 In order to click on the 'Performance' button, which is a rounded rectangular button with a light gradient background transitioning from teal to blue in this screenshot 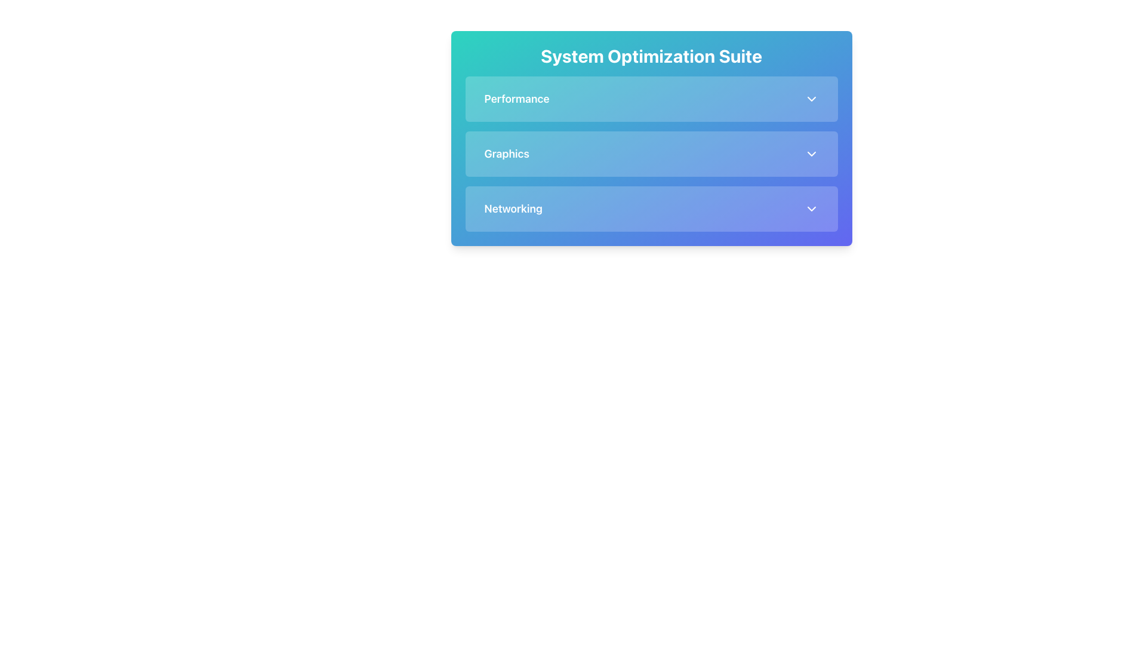, I will do `click(651, 98)`.